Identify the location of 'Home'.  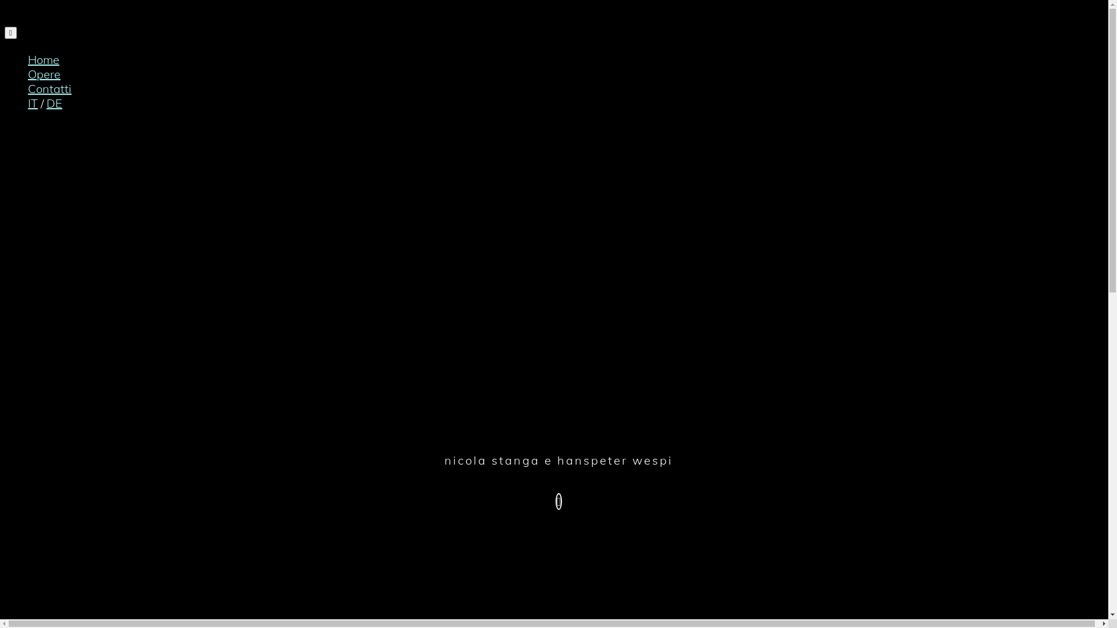
(44, 59).